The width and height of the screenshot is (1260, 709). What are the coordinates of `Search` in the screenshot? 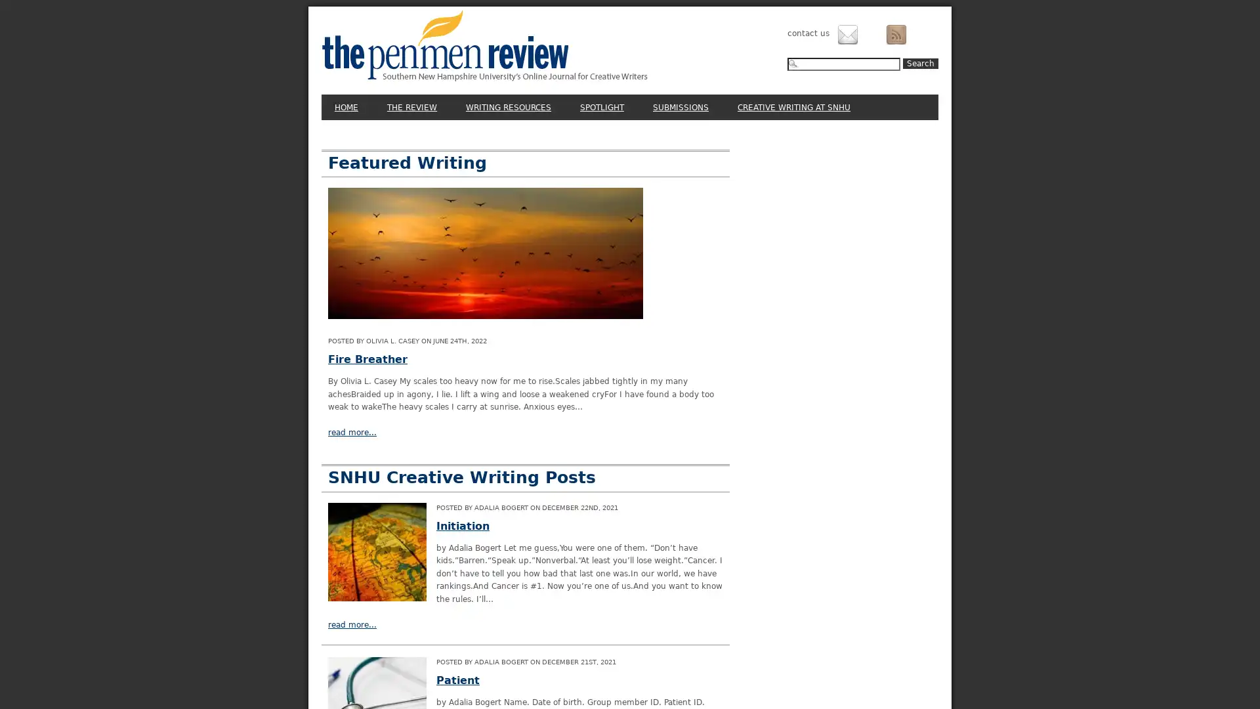 It's located at (919, 63).